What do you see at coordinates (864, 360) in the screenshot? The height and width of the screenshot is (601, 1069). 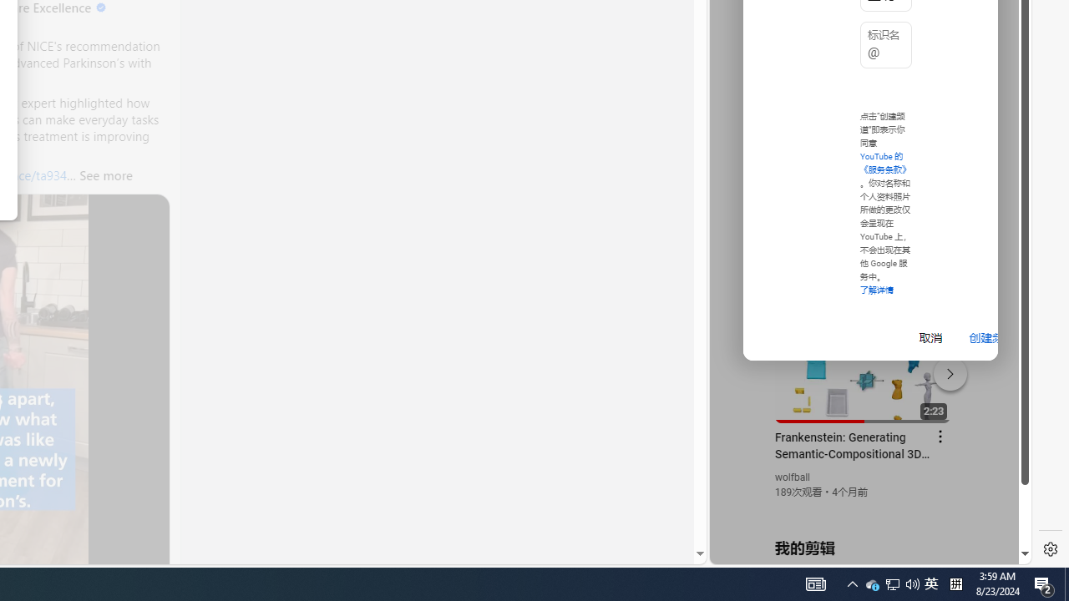 I see `'YouTube'` at bounding box center [864, 360].